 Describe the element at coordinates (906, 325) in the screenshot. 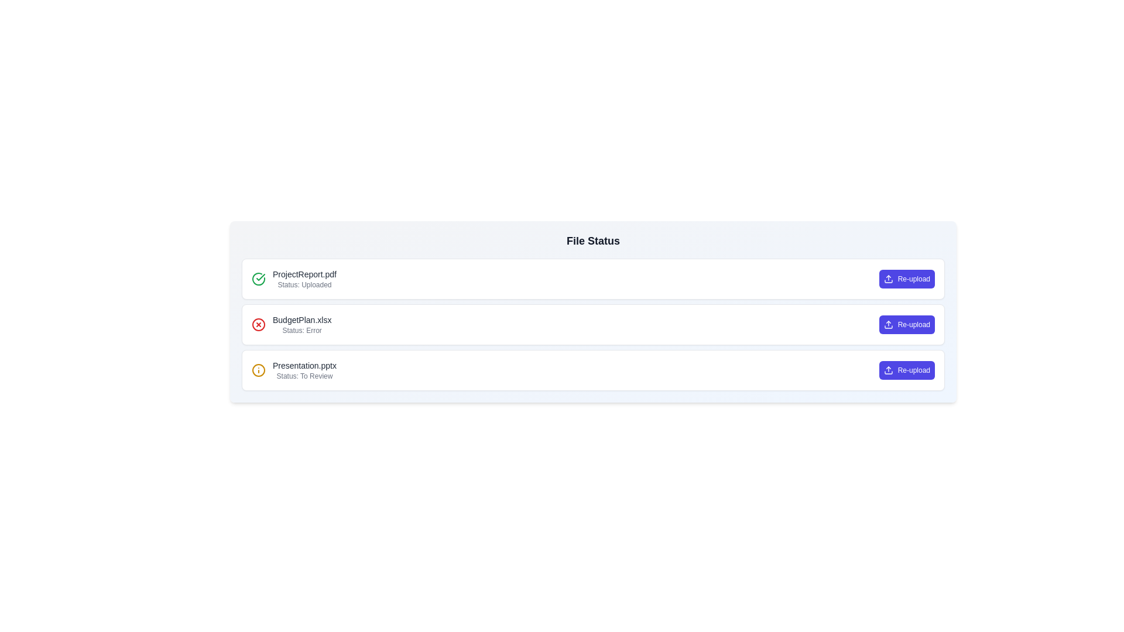

I see `'Re-upload' button for the file BudgetPlan.xlsx` at that location.